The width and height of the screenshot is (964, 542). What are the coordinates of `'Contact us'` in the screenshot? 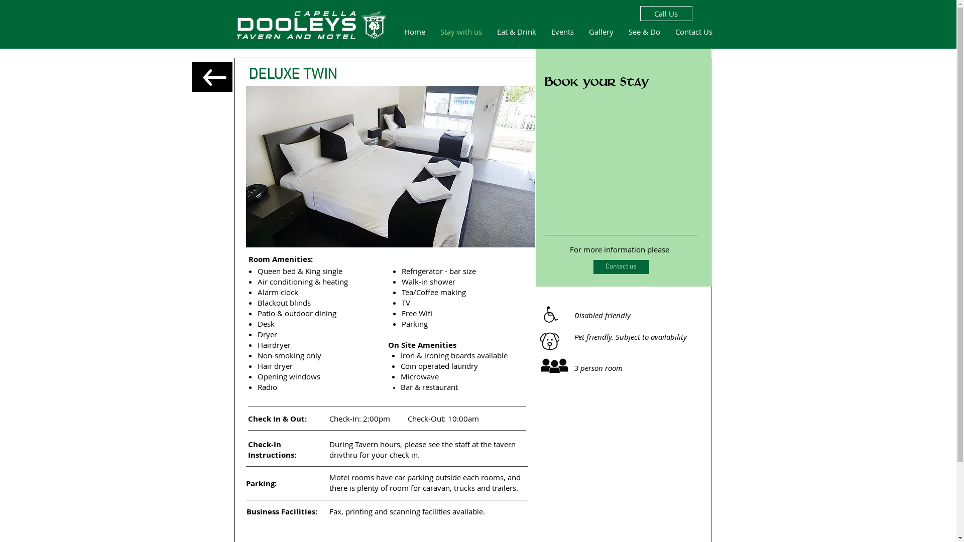 It's located at (593, 266).